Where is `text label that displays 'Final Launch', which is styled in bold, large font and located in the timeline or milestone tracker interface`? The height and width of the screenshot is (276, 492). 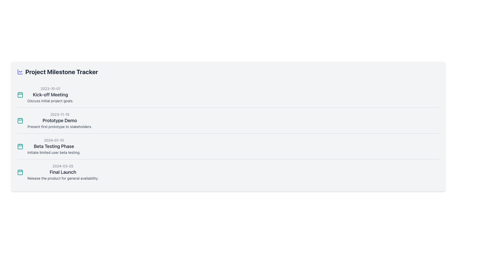 text label that displays 'Final Launch', which is styled in bold, large font and located in the timeline or milestone tracker interface is located at coordinates (63, 172).